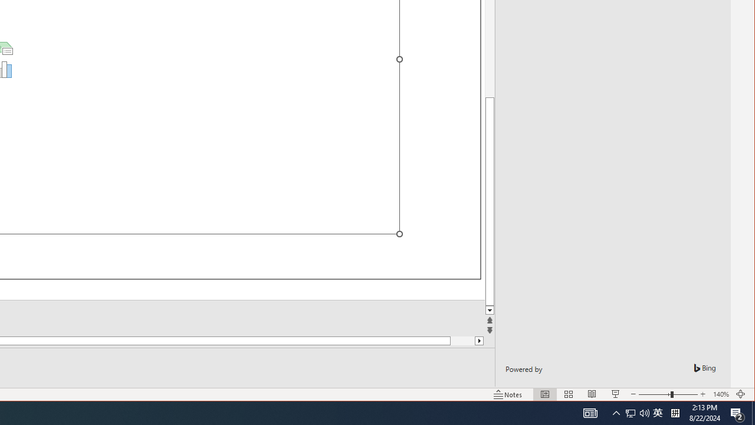 This screenshot has height=425, width=755. Describe the element at coordinates (720, 394) in the screenshot. I see `'Zoom 140%'` at that location.